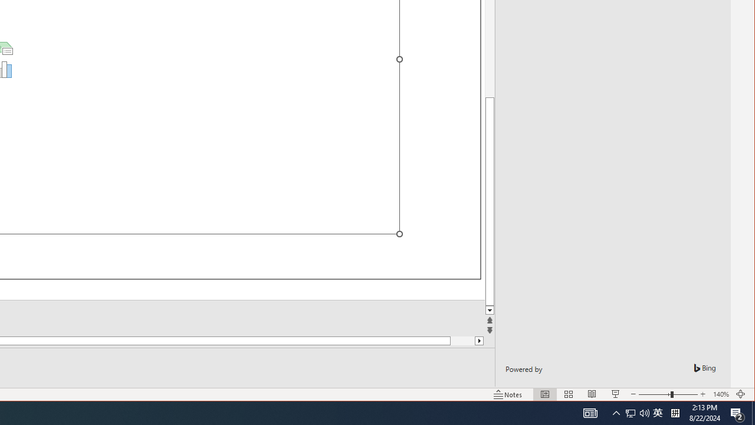 This screenshot has height=425, width=755. Describe the element at coordinates (720, 394) in the screenshot. I see `'Zoom 140%'` at that location.